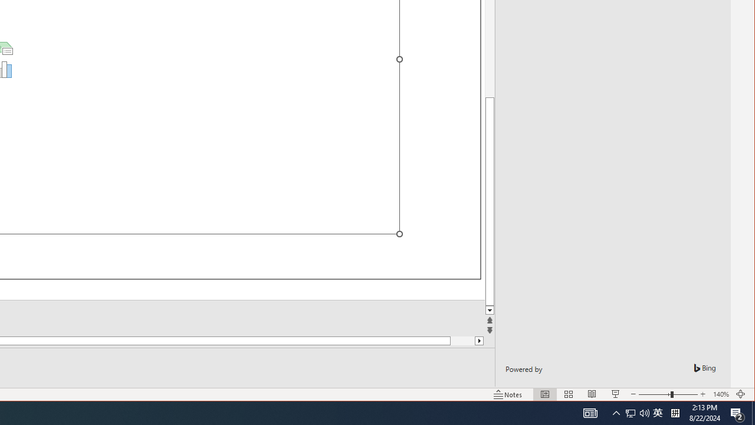 This screenshot has height=425, width=755. Describe the element at coordinates (720, 394) in the screenshot. I see `'Zoom 140%'` at that location.